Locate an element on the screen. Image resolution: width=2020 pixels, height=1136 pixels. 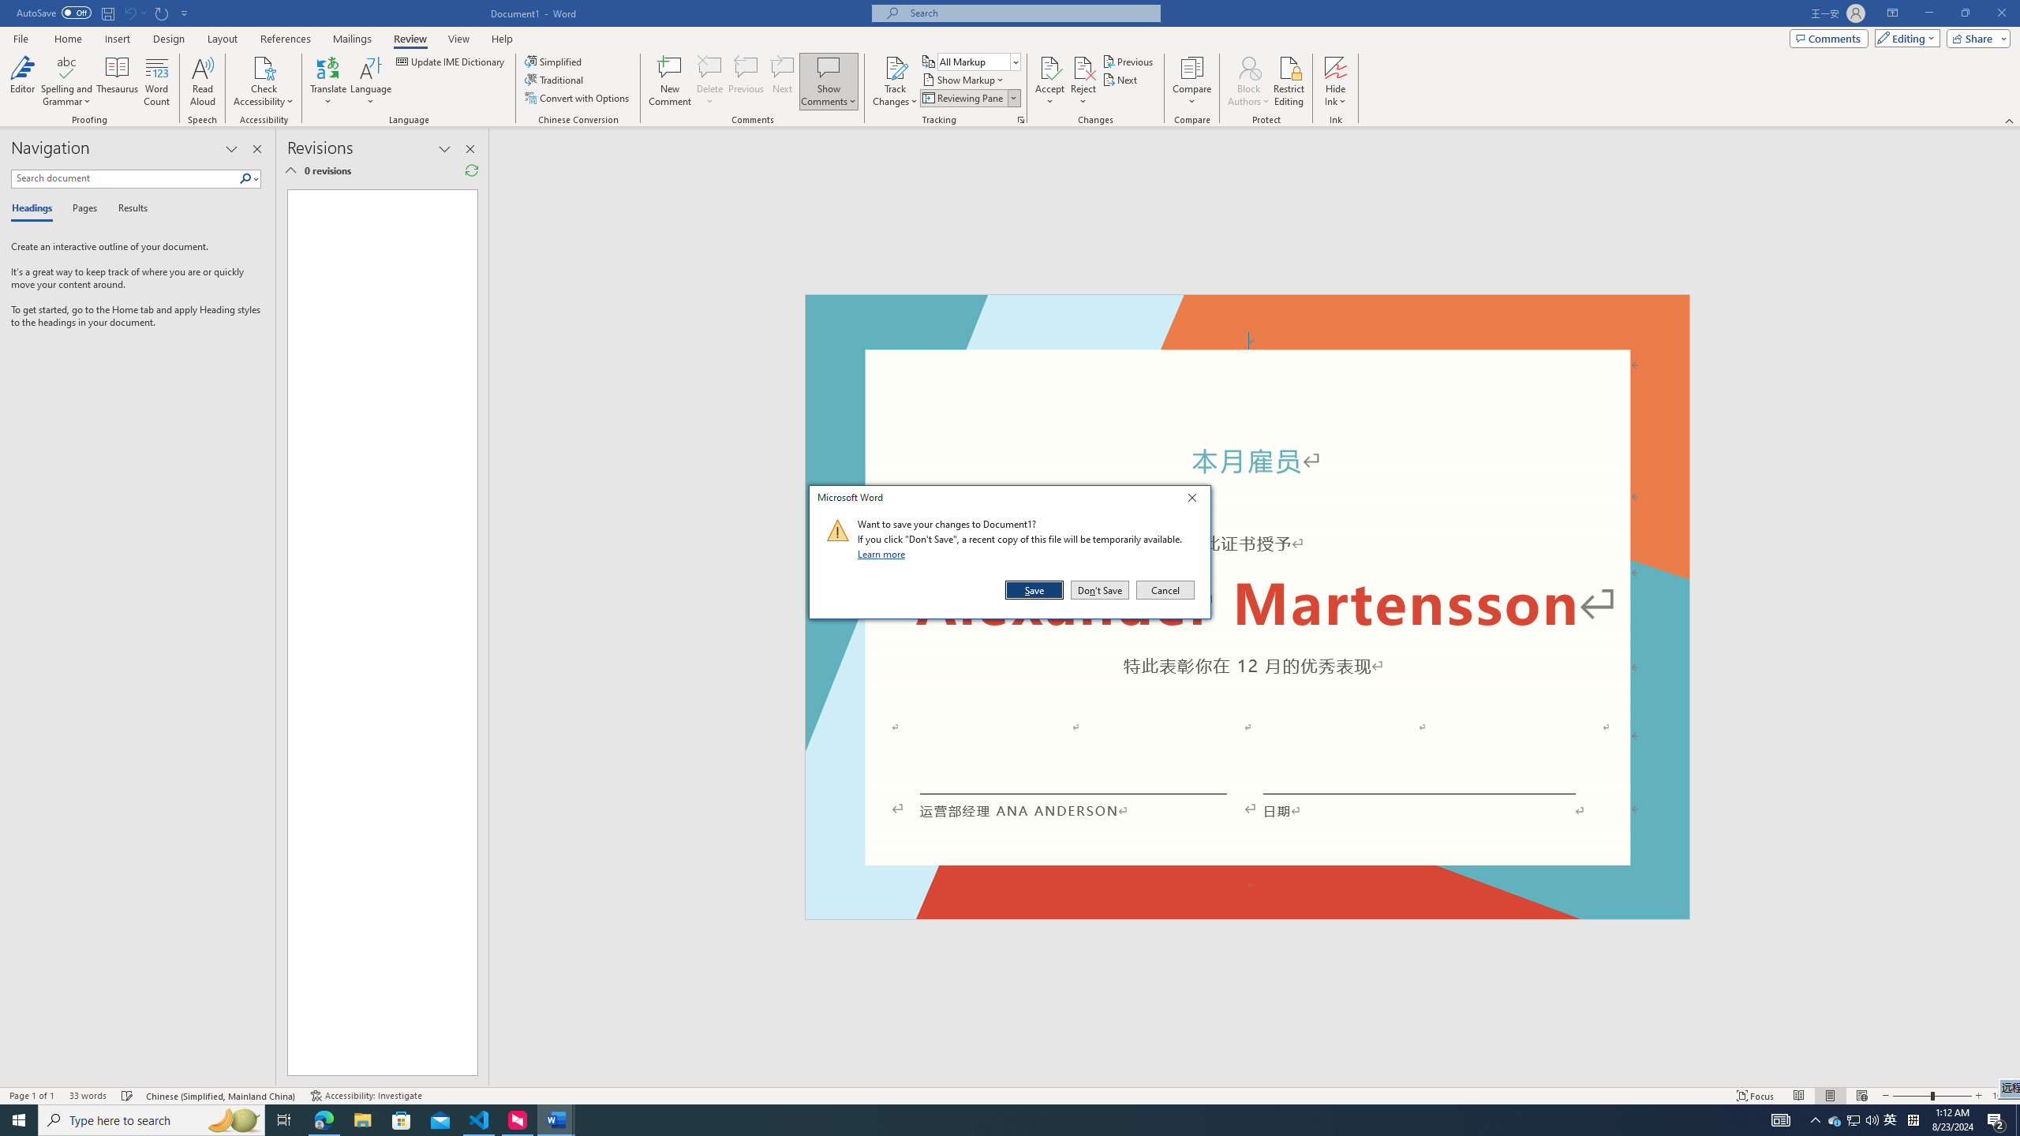
'AutoSave' is located at coordinates (54, 12).